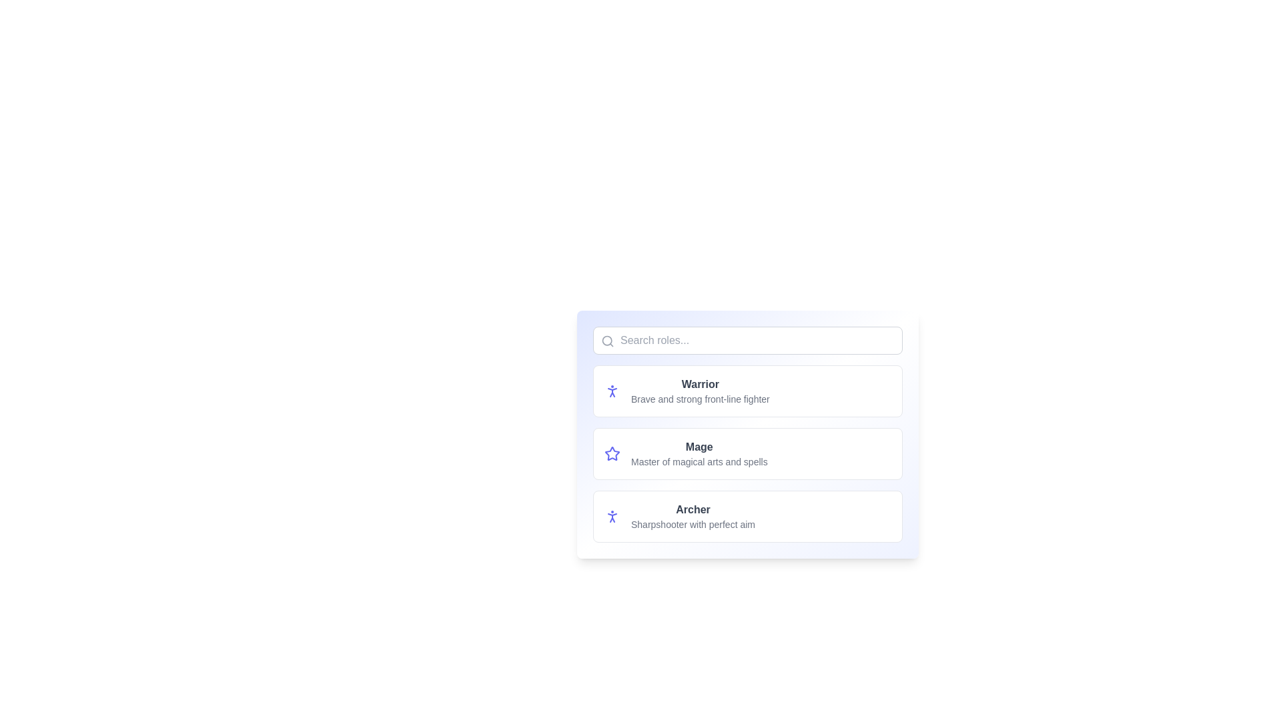 Image resolution: width=1281 pixels, height=720 pixels. What do you see at coordinates (699, 398) in the screenshot?
I see `the text field displaying 'Brave and strong front-line fighter', which is styled in gray and located beneath the 'Warrior' title` at bounding box center [699, 398].